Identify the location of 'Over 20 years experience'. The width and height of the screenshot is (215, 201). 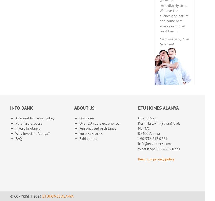
(99, 123).